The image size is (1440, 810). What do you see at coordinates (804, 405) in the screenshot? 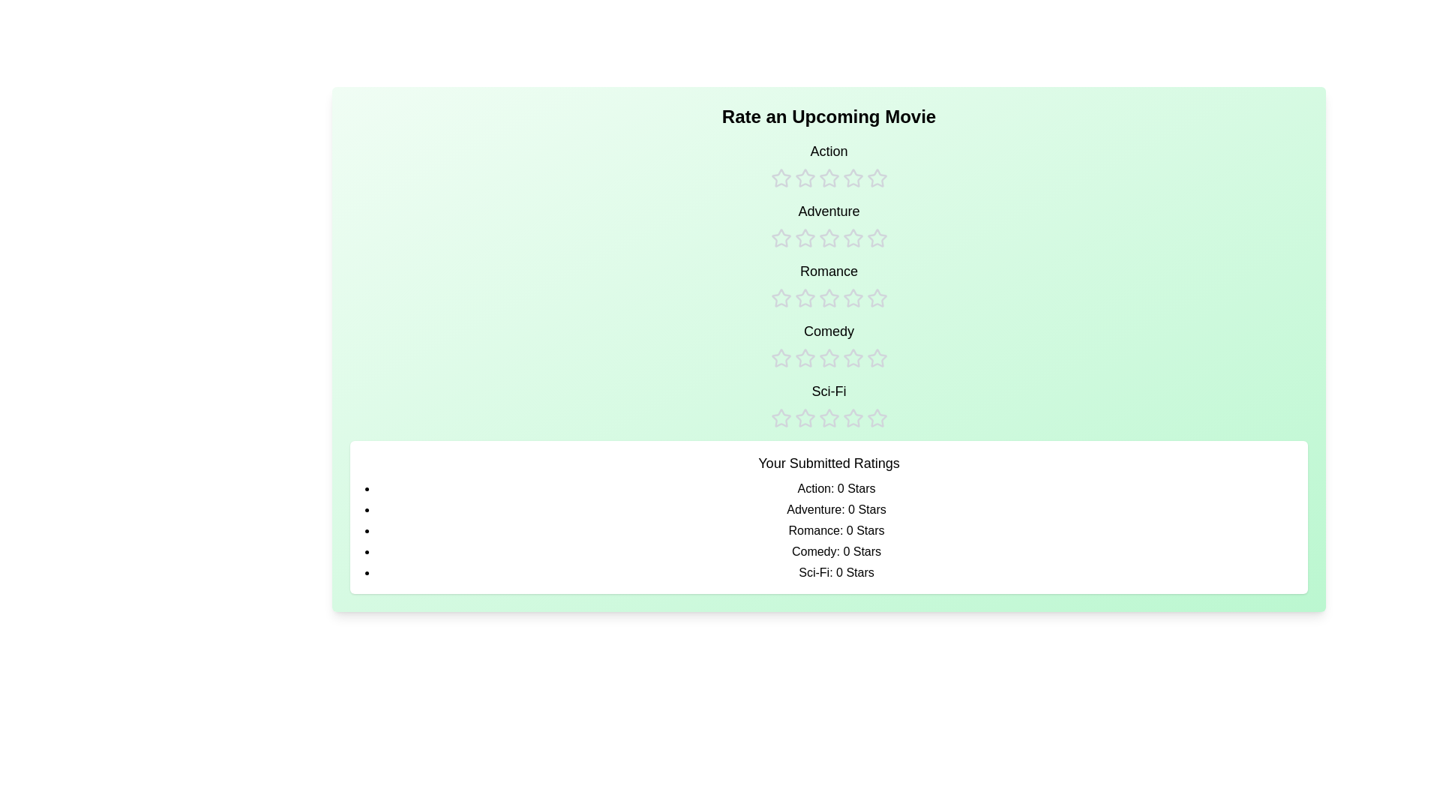
I see `the rating for the Sci-Fi category to 2 stars` at bounding box center [804, 405].